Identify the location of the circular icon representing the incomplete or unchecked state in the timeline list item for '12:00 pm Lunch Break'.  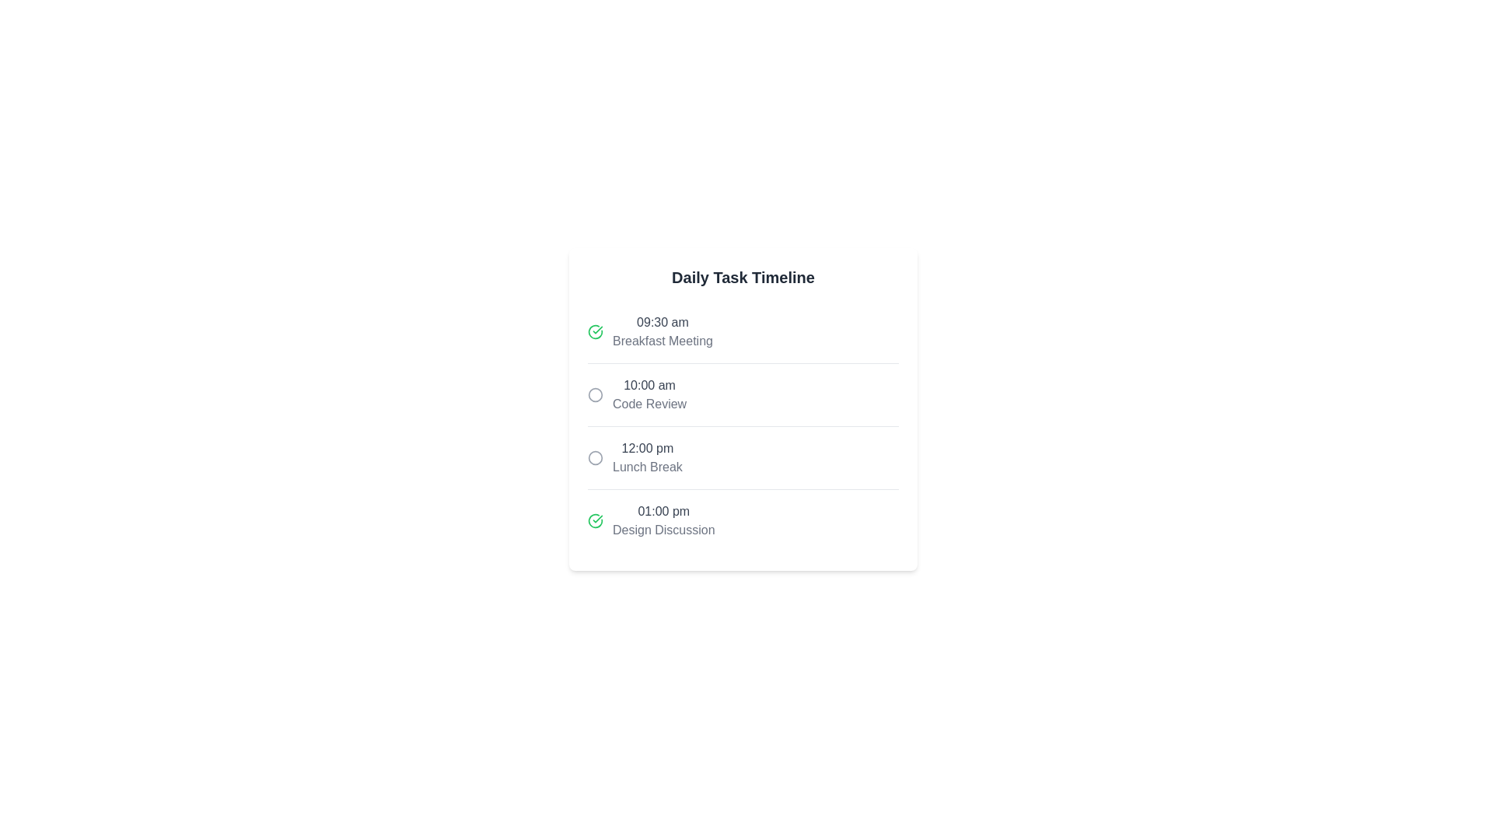
(742, 456).